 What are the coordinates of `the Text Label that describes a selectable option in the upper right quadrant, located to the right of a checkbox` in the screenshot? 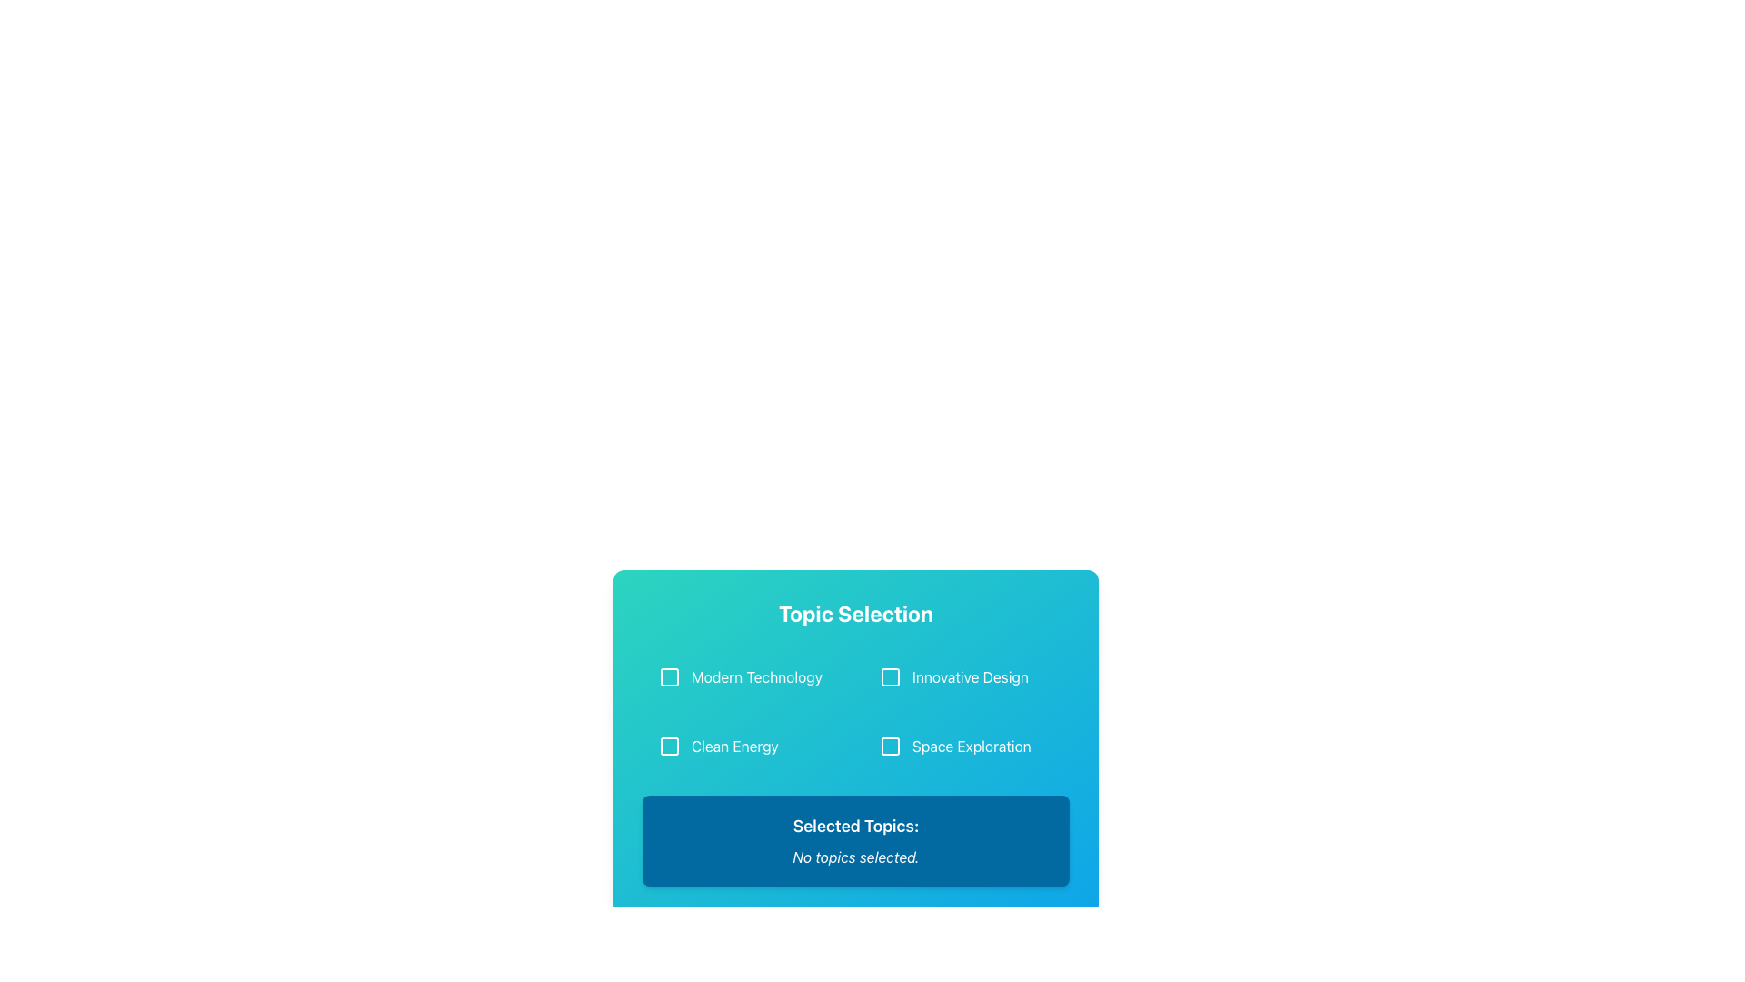 It's located at (969, 676).